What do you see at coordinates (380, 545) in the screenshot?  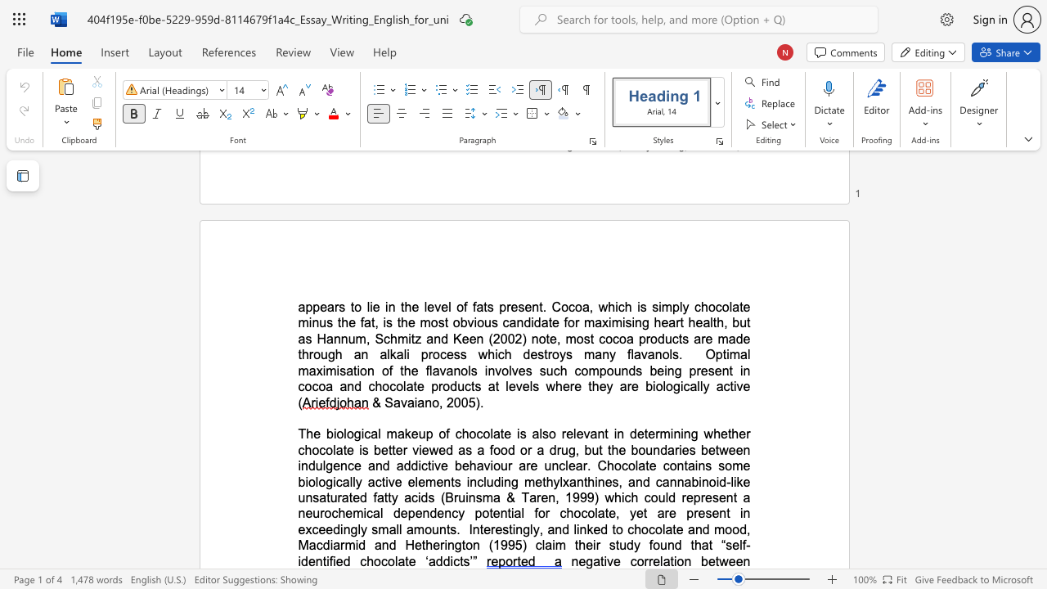 I see `the subset text "nd Hetherington (1995) claim their study found that “self-identified chocolate" within the text "mood, Macdiarmid and Hetherington (1995) claim their study found that “self-identified chocolate ‘addicts’”"` at bounding box center [380, 545].